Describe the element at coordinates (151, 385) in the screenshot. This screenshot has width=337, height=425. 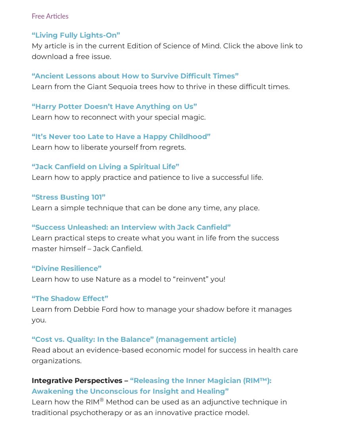
I see `'“Releasing the Inner Magician (RIM™): Awakening the Unconscious for Insight and Healing”'` at that location.